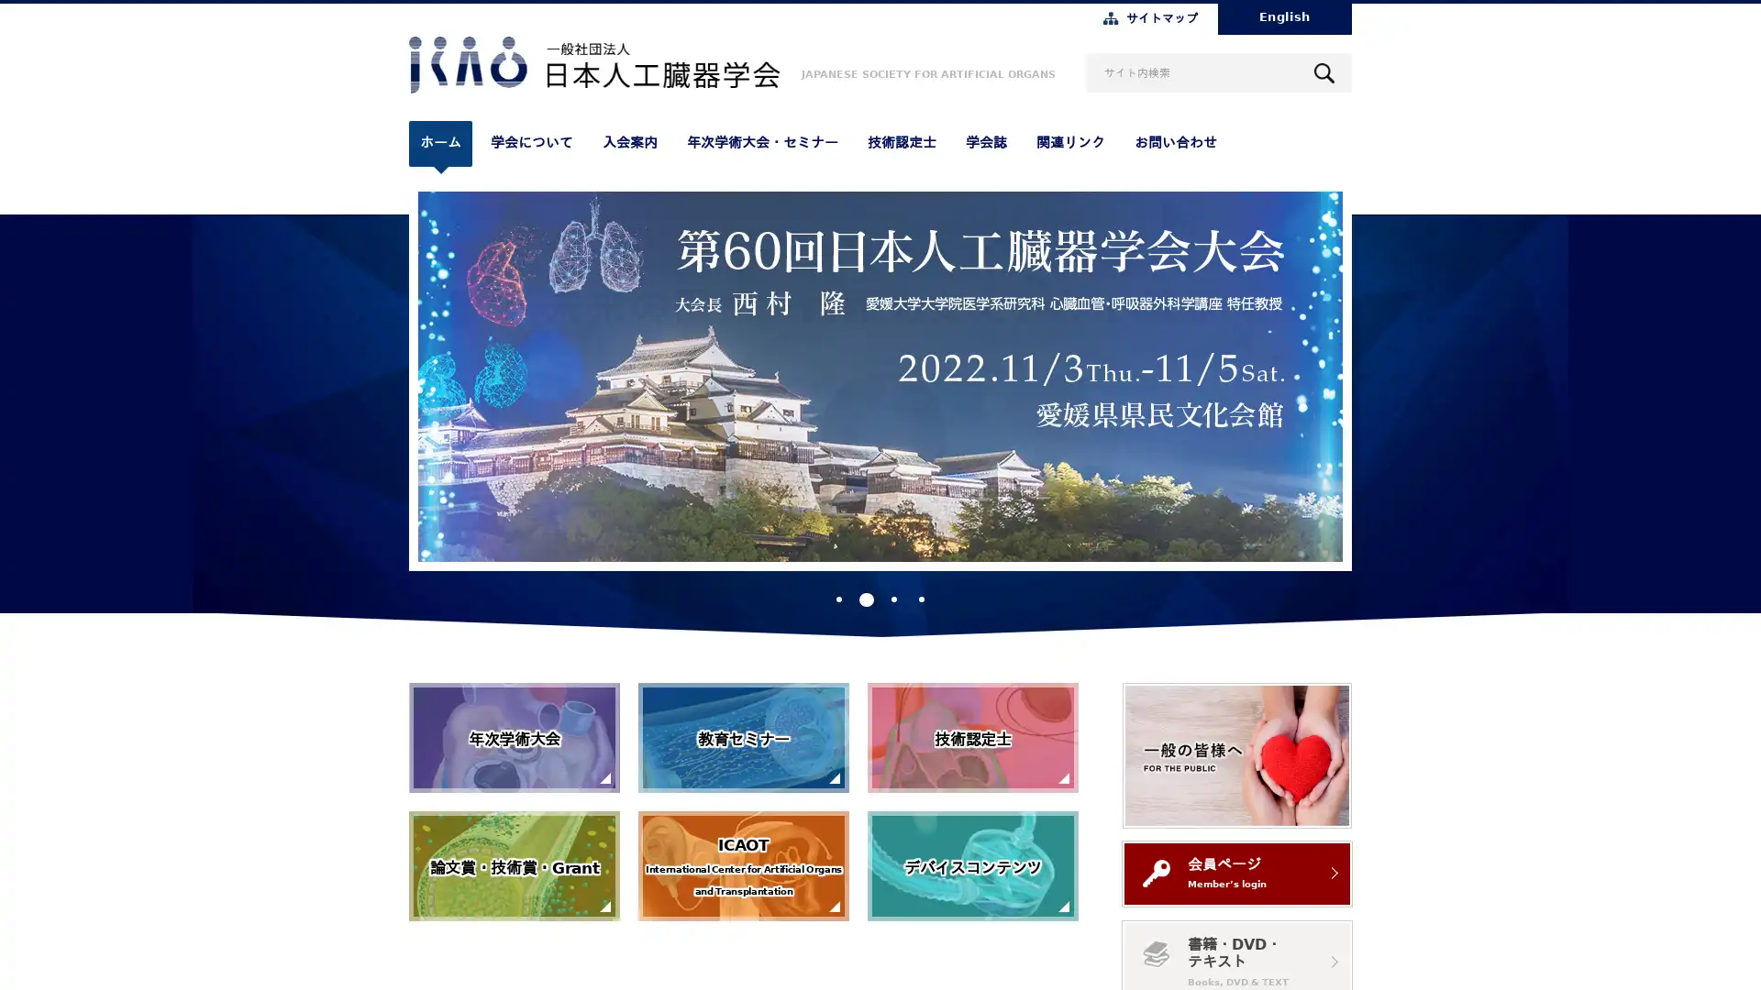 This screenshot has height=990, width=1761. What do you see at coordinates (1324, 71) in the screenshot?
I see `Search` at bounding box center [1324, 71].